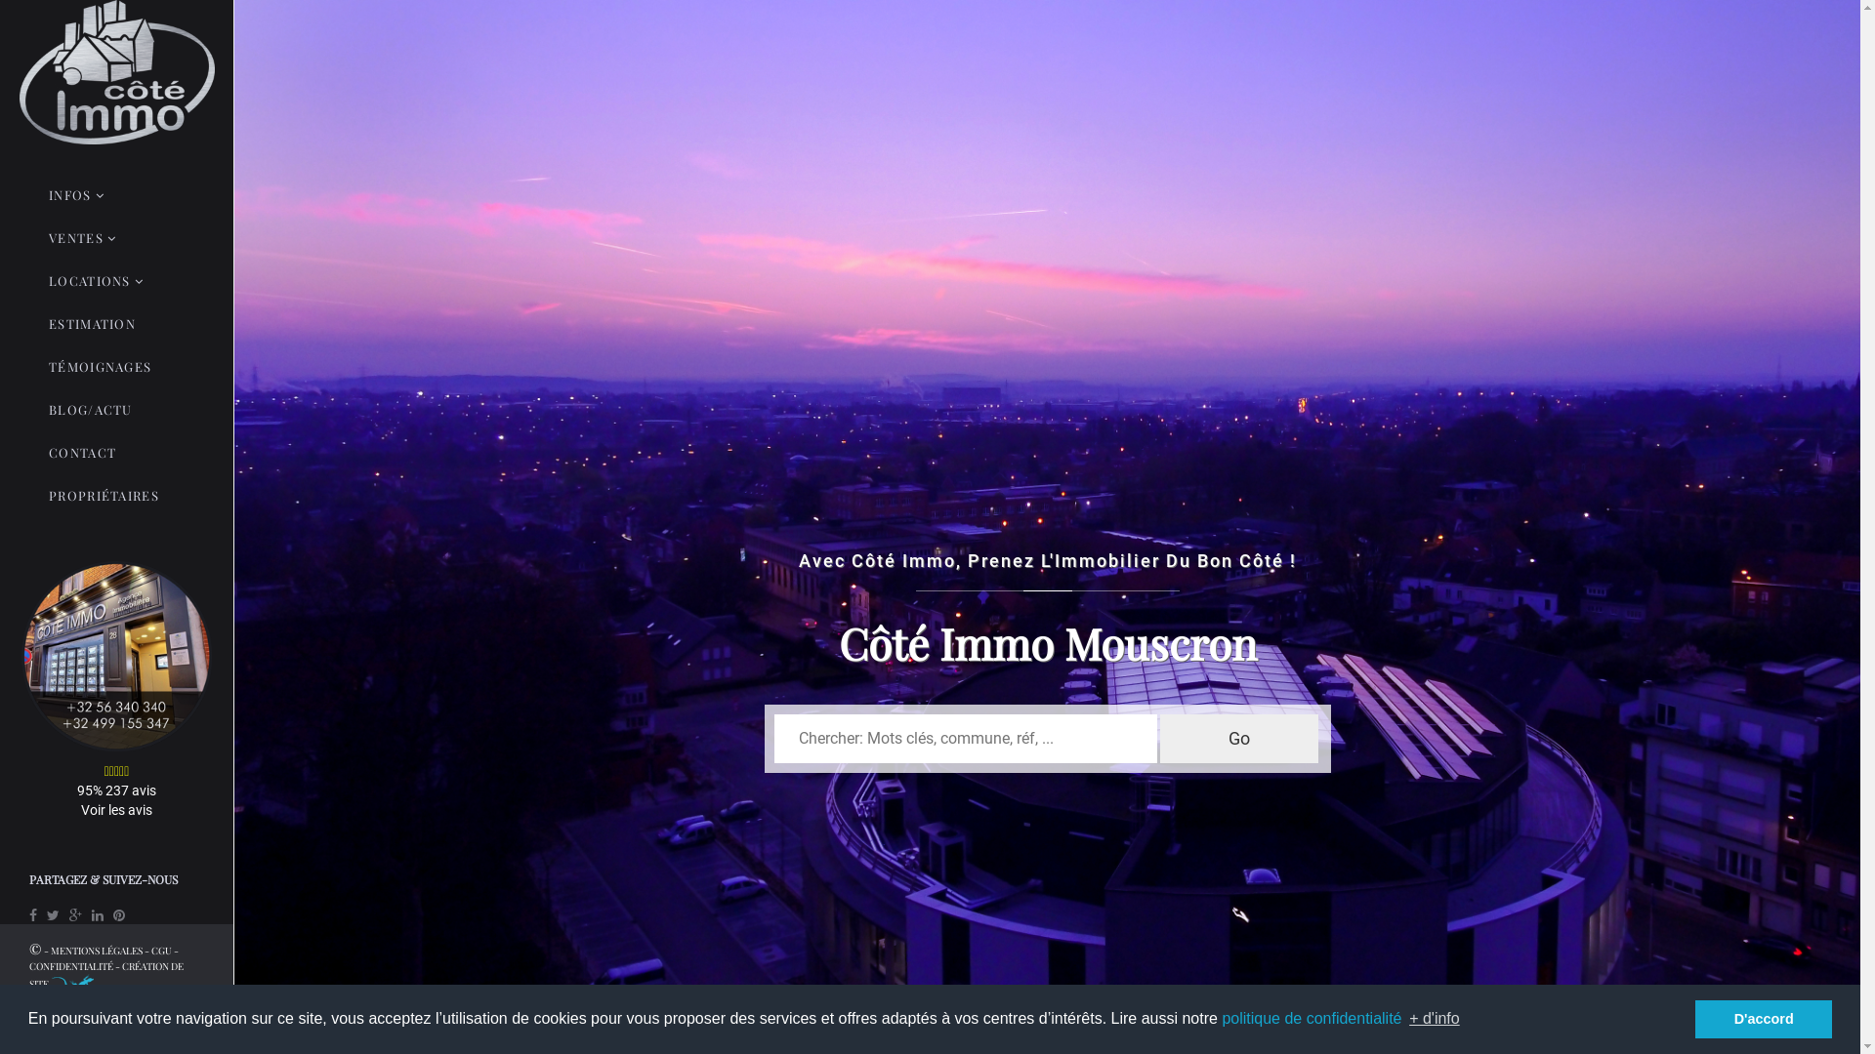 The image size is (1875, 1054). What do you see at coordinates (81, 452) in the screenshot?
I see `'CONTACT'` at bounding box center [81, 452].